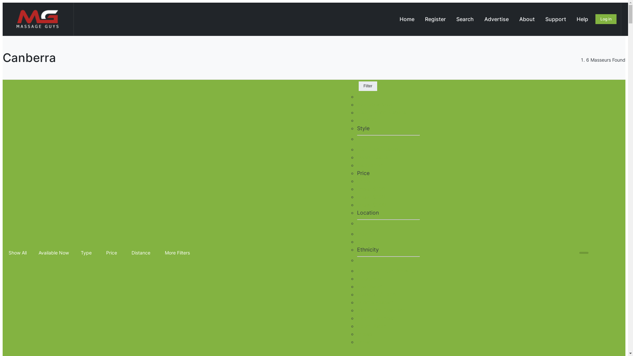 Image resolution: width=633 pixels, height=356 pixels. Describe the element at coordinates (394, 18) in the screenshot. I see `'Home'` at that location.